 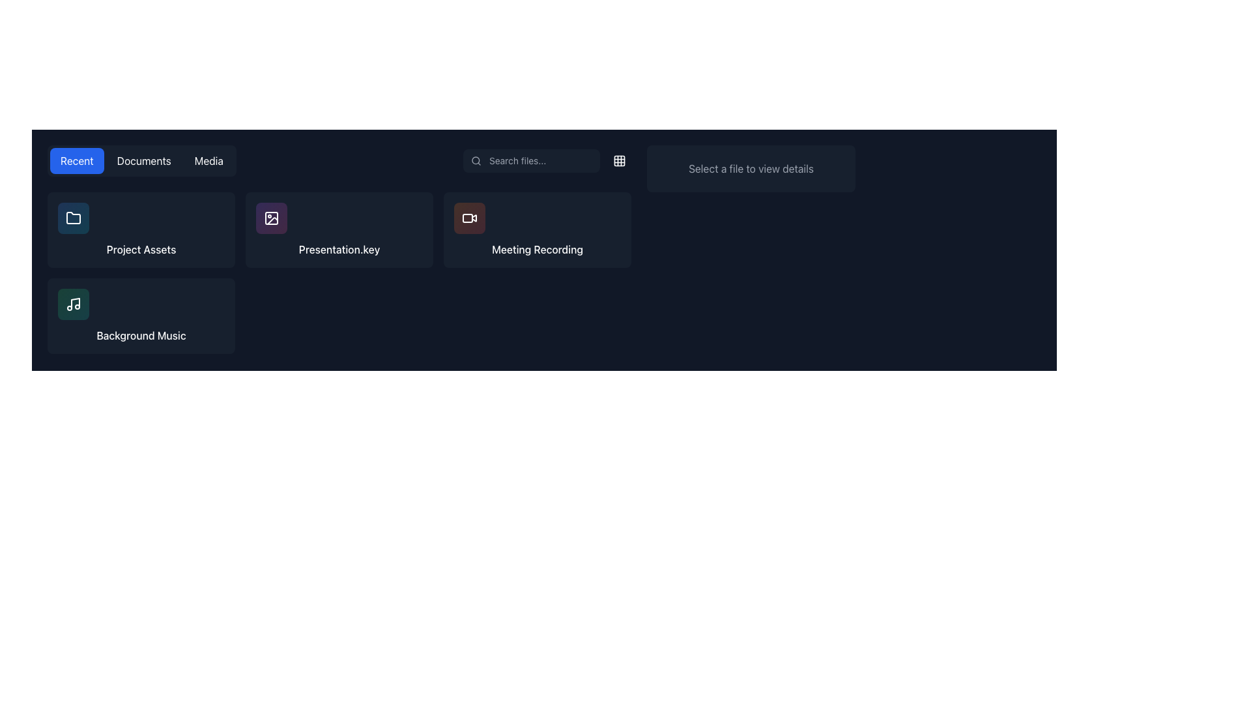 I want to click on an item within the grid display layout that contains titles like 'Project Assets,' 'Presentation.key,' 'Meeting Recording,' and 'Background Music.', so click(x=339, y=272).